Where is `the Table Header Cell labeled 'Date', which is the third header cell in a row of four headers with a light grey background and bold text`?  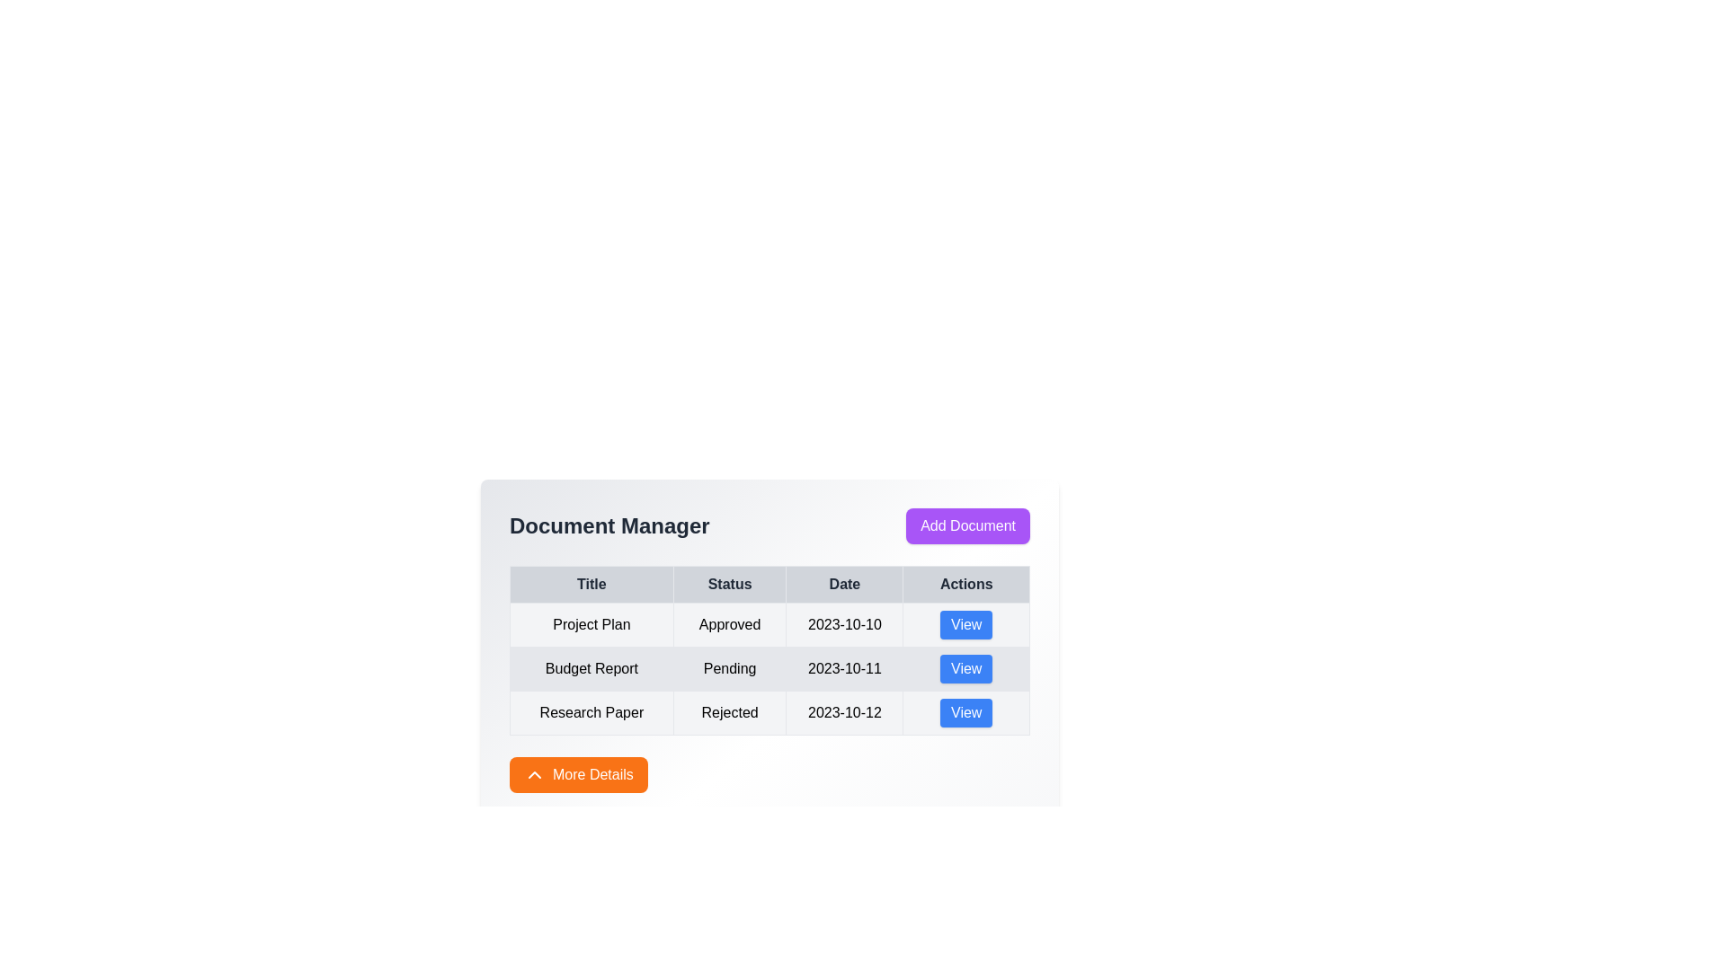 the Table Header Cell labeled 'Date', which is the third header cell in a row of four headers with a light grey background and bold text is located at coordinates (843, 585).